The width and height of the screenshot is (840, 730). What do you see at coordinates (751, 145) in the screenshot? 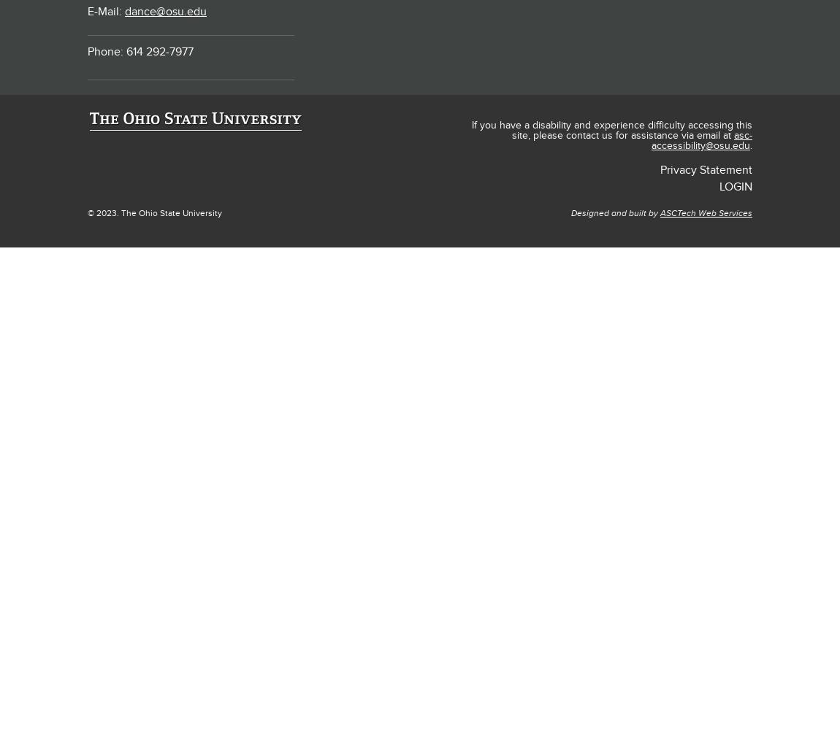
I see `'.'` at bounding box center [751, 145].